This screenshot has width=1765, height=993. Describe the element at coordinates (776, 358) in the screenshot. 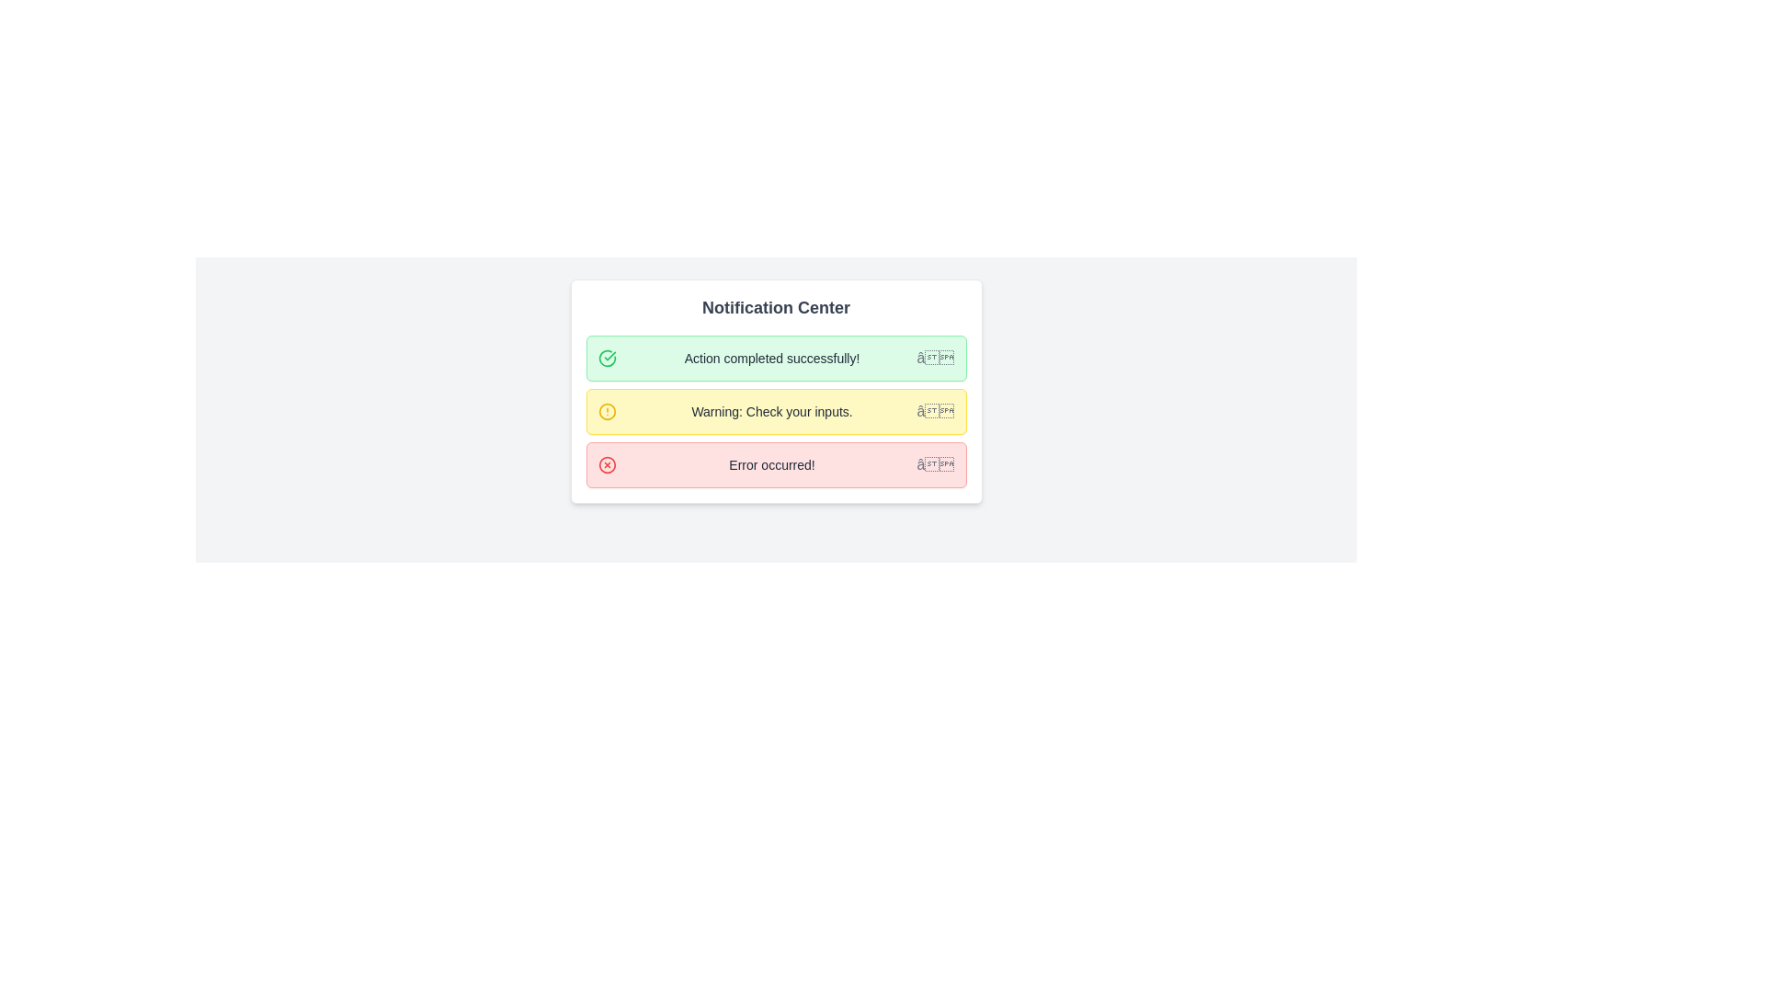

I see `text of the first notification card in the notification center, which indicates that an action was successfully completed` at that location.